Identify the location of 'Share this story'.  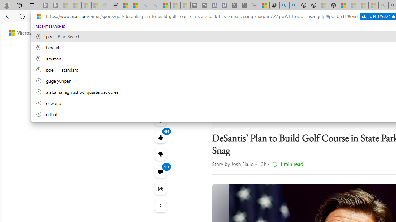
(160, 189).